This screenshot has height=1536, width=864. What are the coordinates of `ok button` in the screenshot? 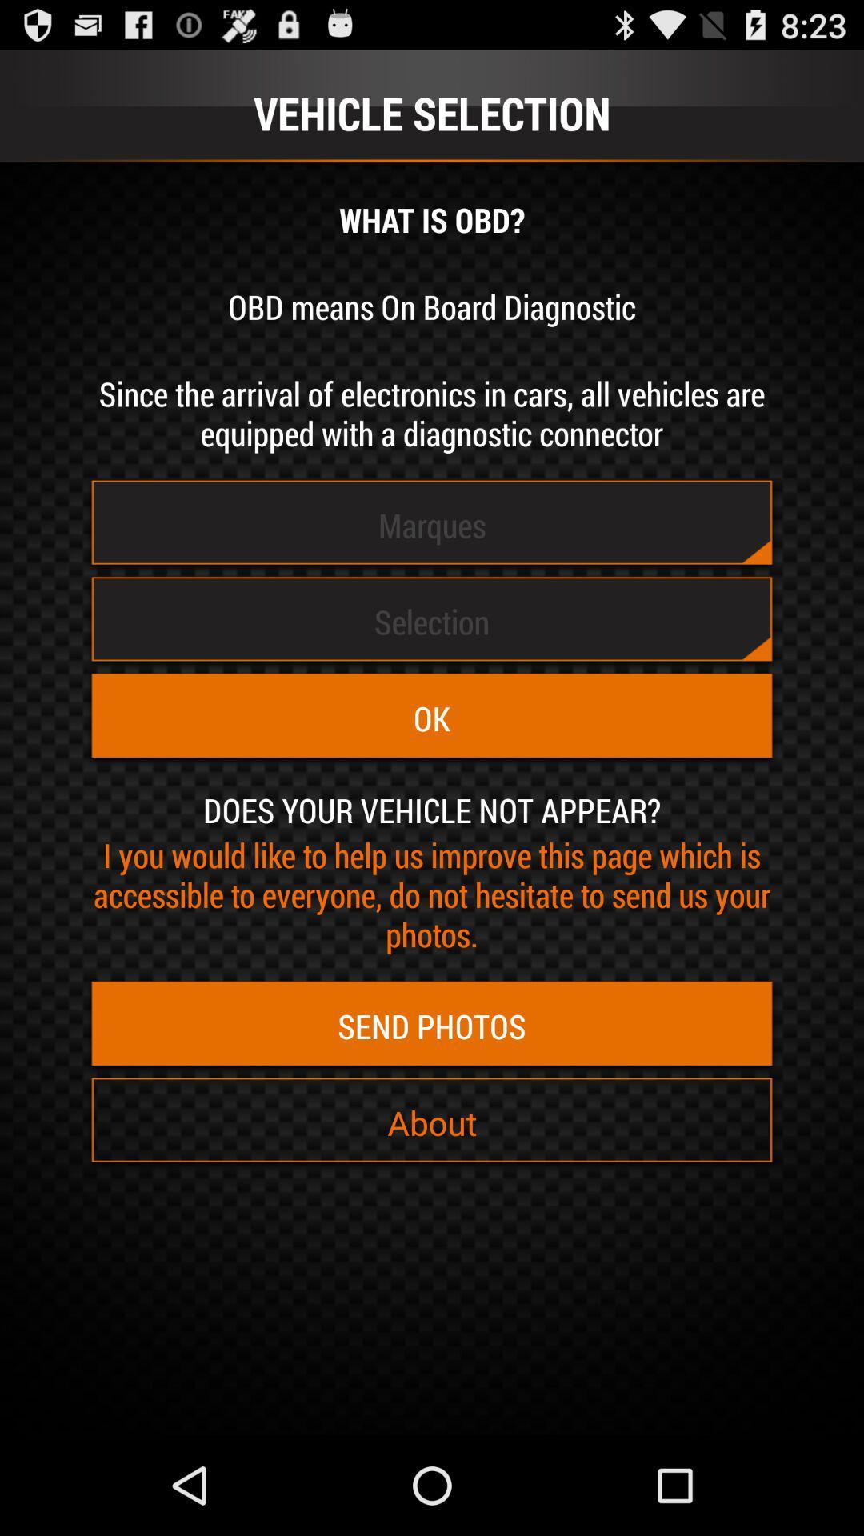 It's located at (432, 718).